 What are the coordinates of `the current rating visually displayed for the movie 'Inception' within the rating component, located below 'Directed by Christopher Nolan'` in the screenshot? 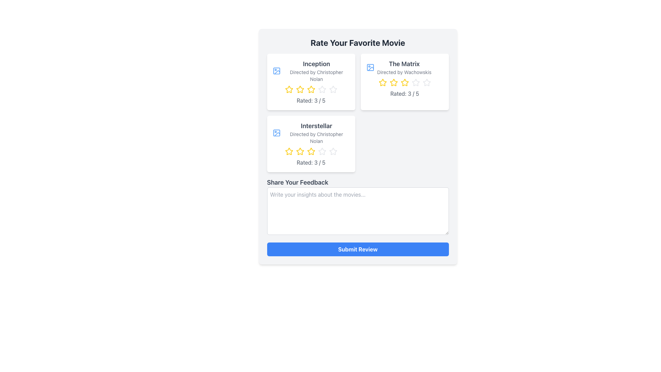 It's located at (311, 89).